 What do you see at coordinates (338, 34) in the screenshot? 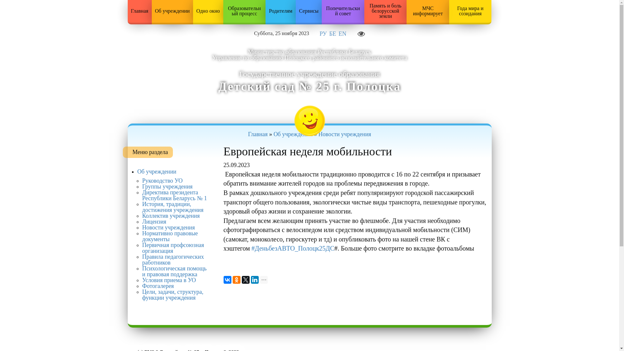
I see `'EN'` at bounding box center [338, 34].